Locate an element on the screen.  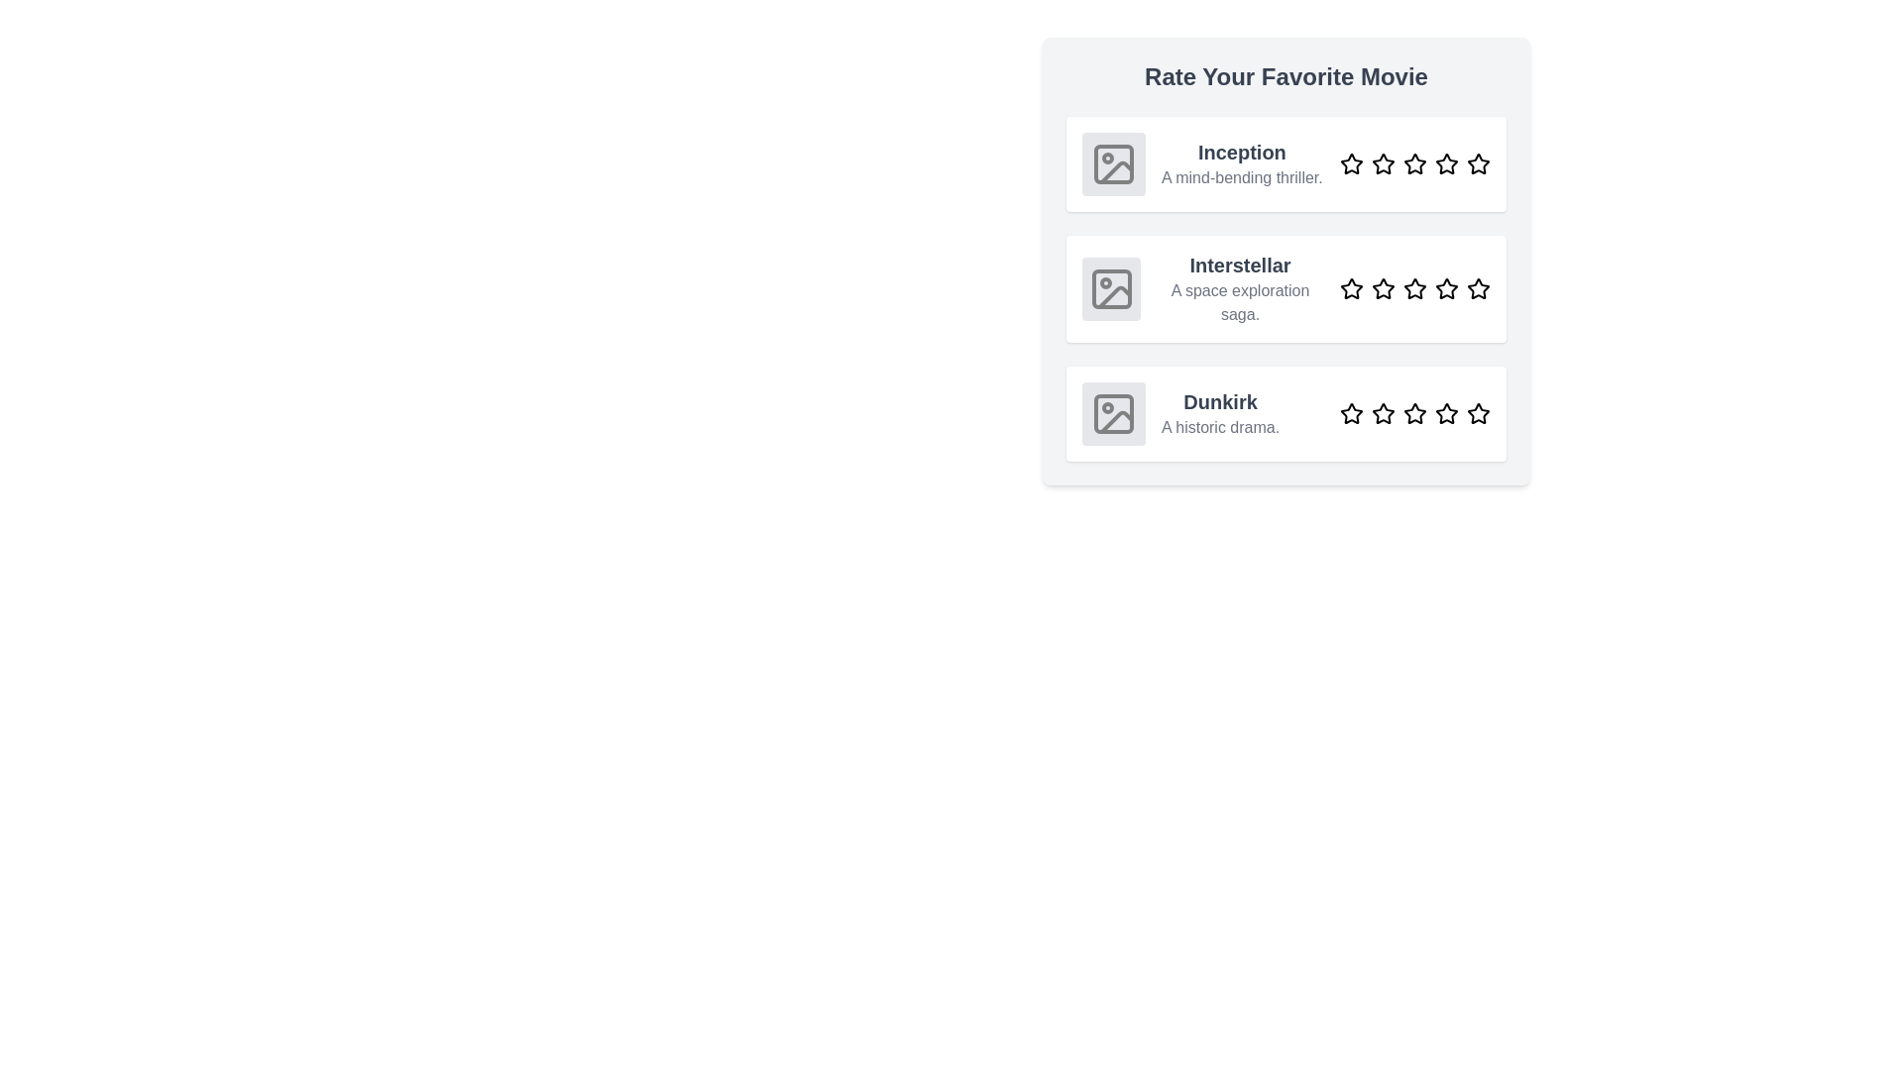
the star rating component for the movie 'Interstellar' is located at coordinates (1414, 289).